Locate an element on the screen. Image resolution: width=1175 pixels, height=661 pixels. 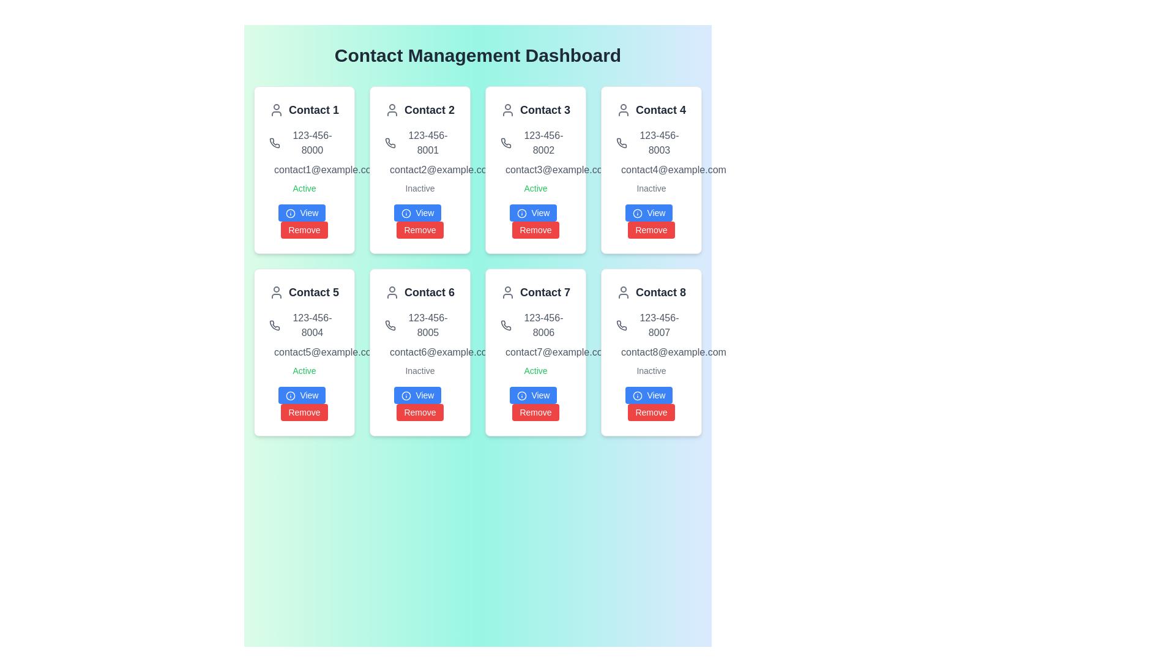
the 'Contact 8' text label that displays a user icon, located at the top of the card for Contact 8 in the lower-right section of the main layout is located at coordinates (651, 293).